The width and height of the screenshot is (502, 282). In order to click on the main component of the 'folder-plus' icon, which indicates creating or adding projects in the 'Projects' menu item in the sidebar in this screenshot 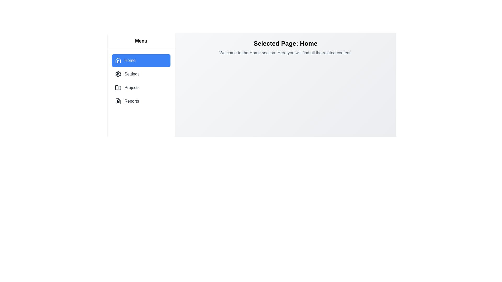, I will do `click(118, 87)`.